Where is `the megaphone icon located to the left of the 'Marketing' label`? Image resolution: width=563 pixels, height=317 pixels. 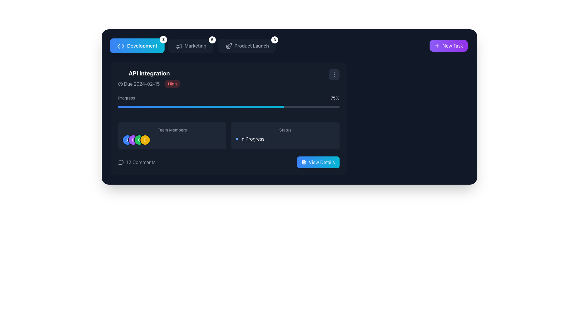 the megaphone icon located to the left of the 'Marketing' label is located at coordinates (178, 45).